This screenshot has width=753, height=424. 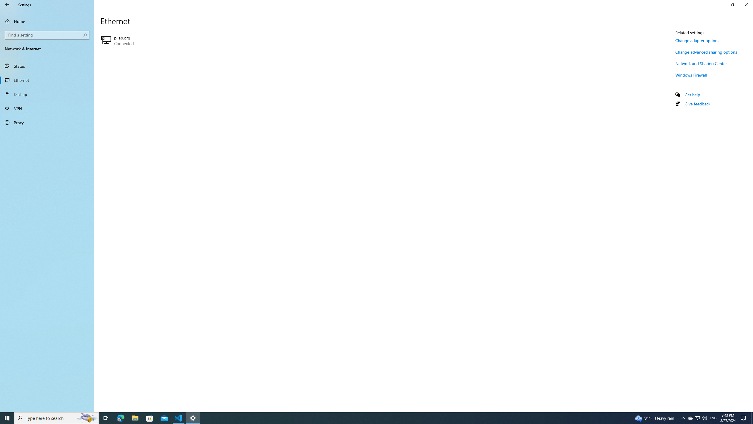 What do you see at coordinates (746, 4) in the screenshot?
I see `'Close Settings'` at bounding box center [746, 4].